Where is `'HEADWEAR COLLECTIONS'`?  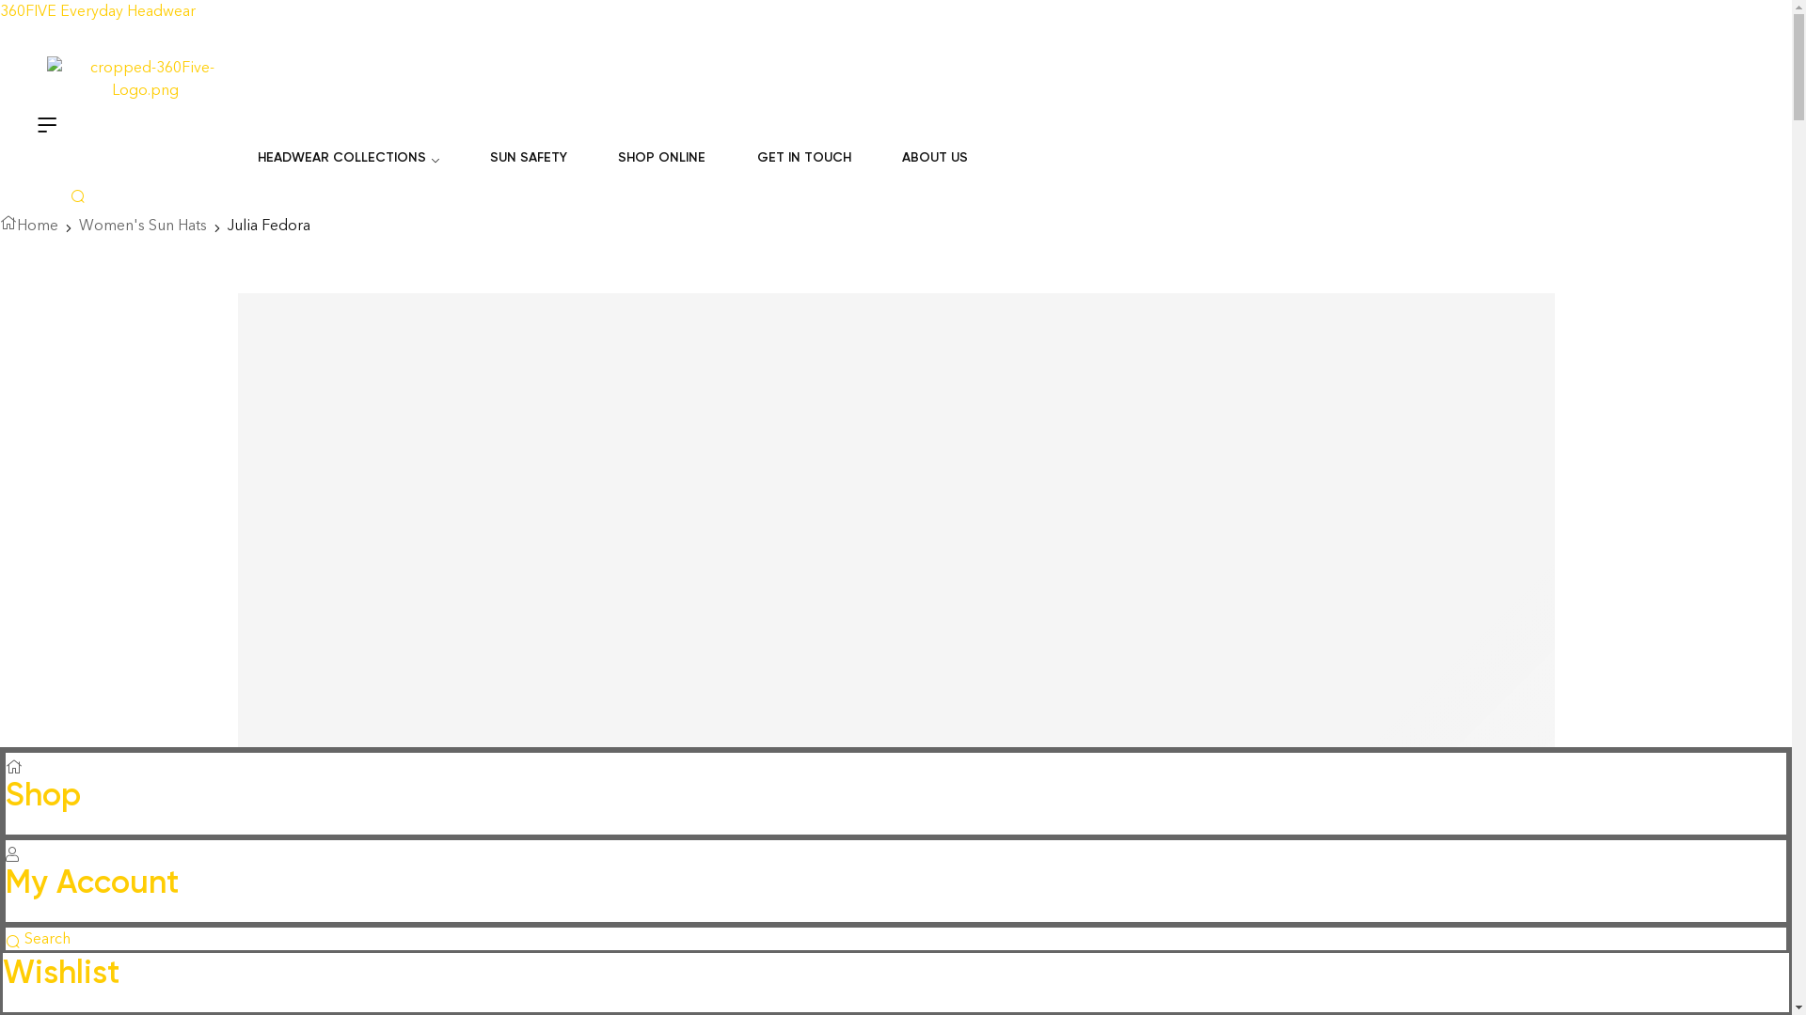
'HEADWEAR COLLECTIONS' is located at coordinates (348, 157).